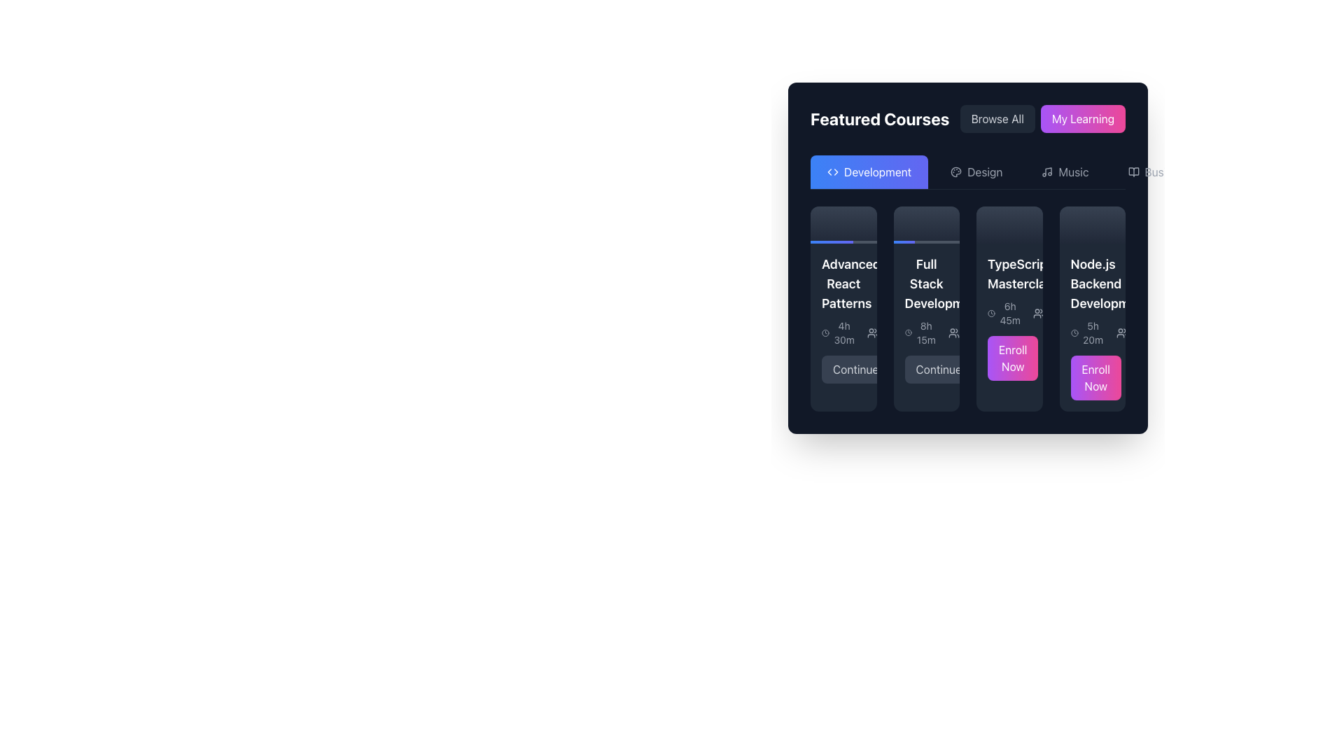 This screenshot has height=756, width=1344. Describe the element at coordinates (926, 333) in the screenshot. I see `the text element displaying '8h 15m' with a clock icon to its left, located in the second item of the course cards list under 'Full Stack Development'` at that location.